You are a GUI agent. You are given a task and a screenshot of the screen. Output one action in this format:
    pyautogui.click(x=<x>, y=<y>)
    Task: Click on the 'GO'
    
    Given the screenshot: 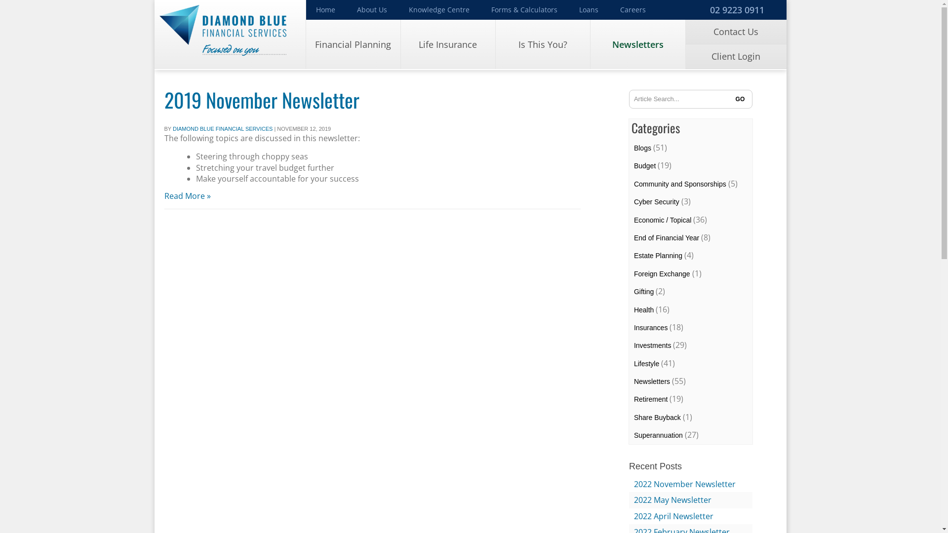 What is the action you would take?
    pyautogui.click(x=740, y=99)
    